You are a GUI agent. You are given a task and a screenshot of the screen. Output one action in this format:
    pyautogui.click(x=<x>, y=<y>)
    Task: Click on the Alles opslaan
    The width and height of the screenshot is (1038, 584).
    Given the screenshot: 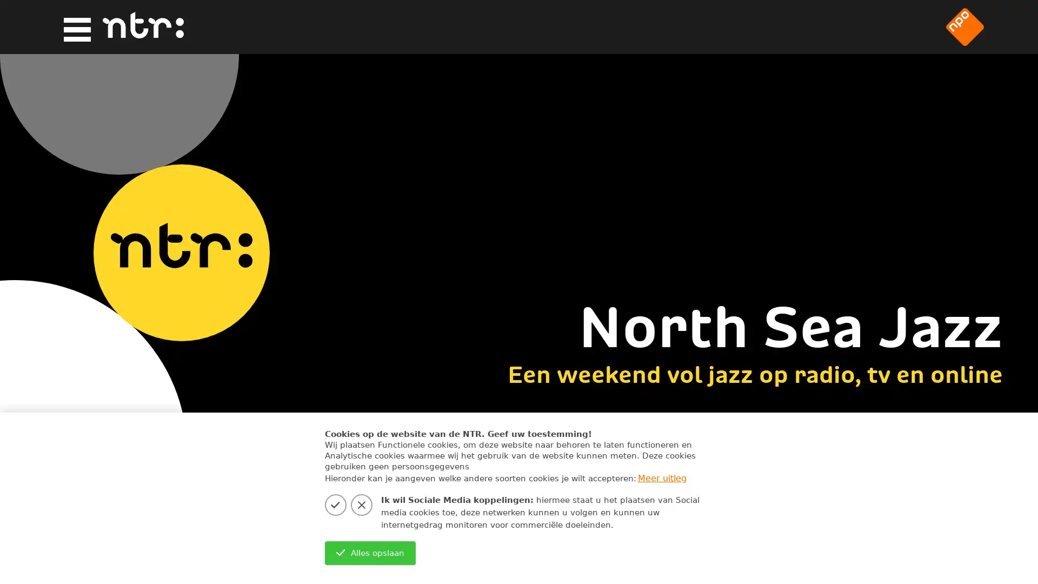 What is the action you would take?
    pyautogui.click(x=370, y=553)
    